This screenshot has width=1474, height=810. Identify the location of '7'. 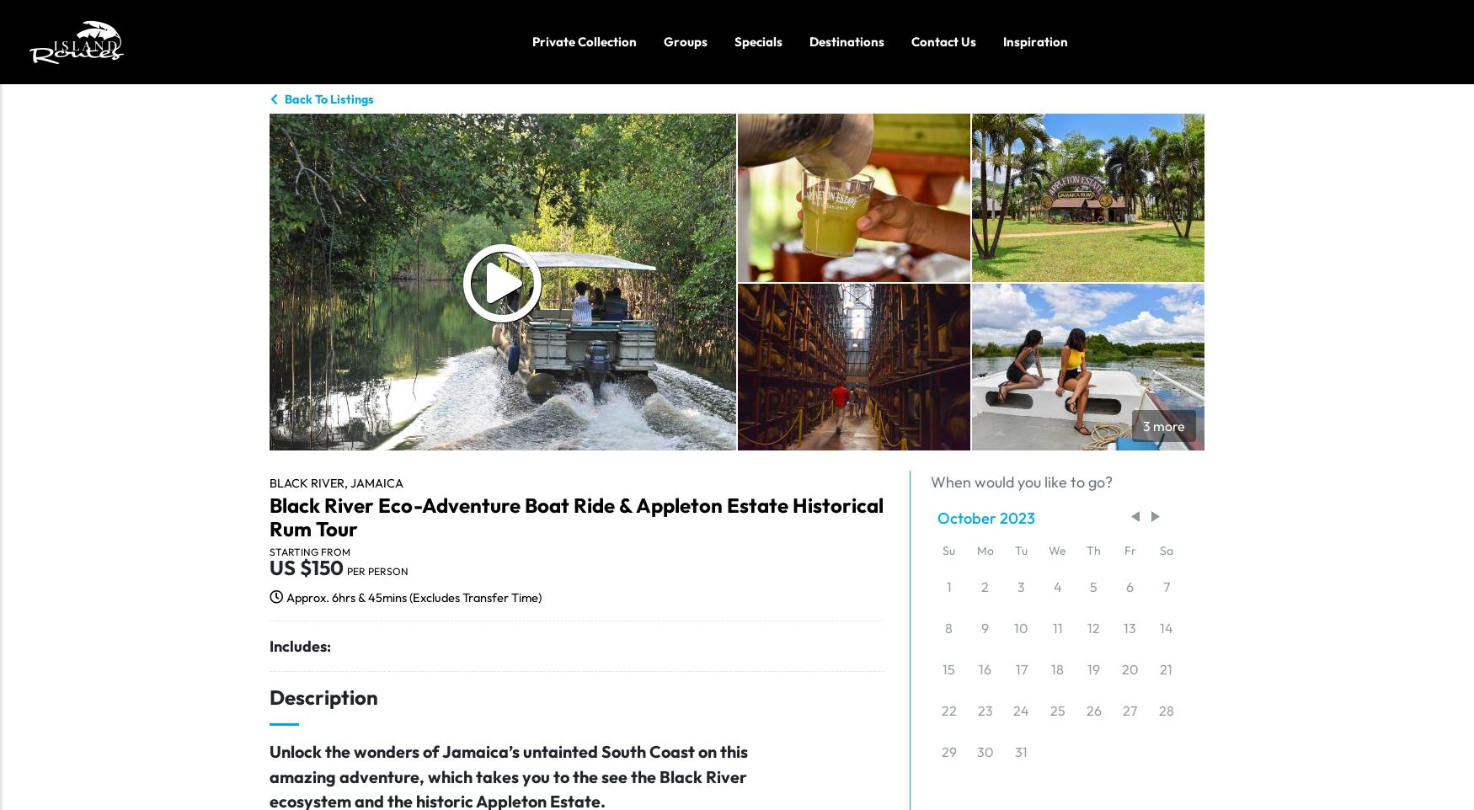
(1165, 585).